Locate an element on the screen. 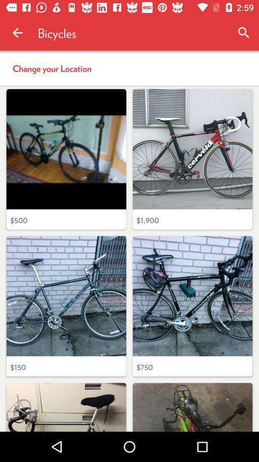 The image size is (259, 462). the icon above the change your location item is located at coordinates (244, 33).